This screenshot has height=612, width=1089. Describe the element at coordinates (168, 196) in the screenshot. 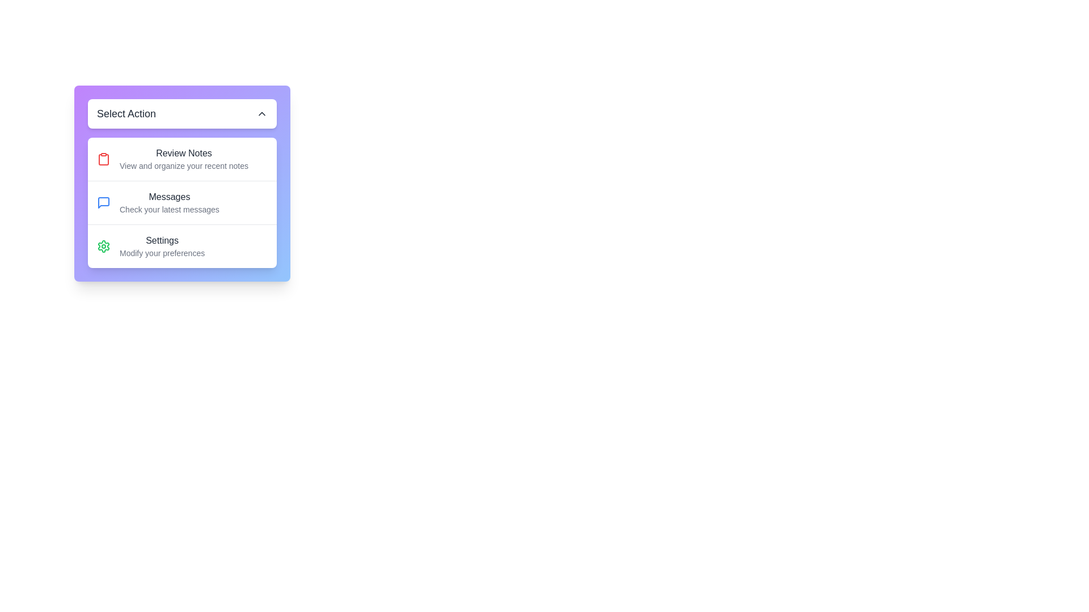

I see `the text label displaying 'Messages' that is part of a menu option, located above the smaller descriptive text 'Check your latest messages'` at that location.